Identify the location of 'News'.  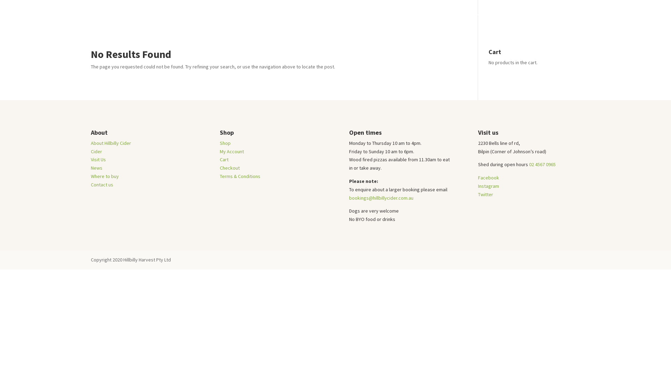
(96, 168).